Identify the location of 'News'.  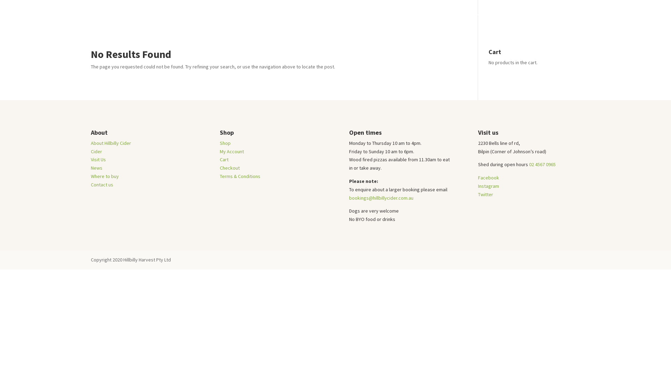
(96, 168).